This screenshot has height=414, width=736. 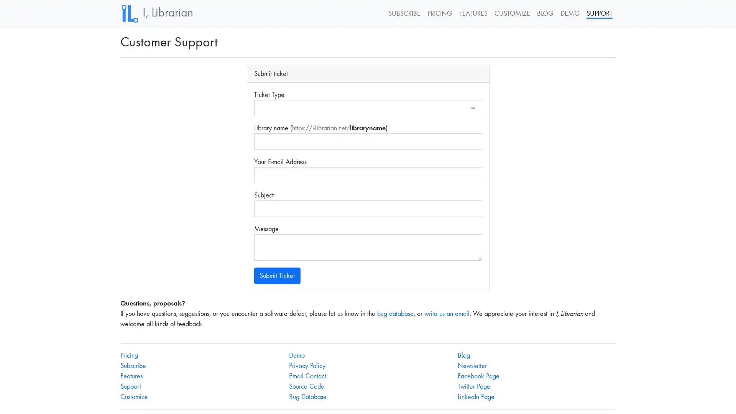 I want to click on Submit Ticket, so click(x=276, y=275).